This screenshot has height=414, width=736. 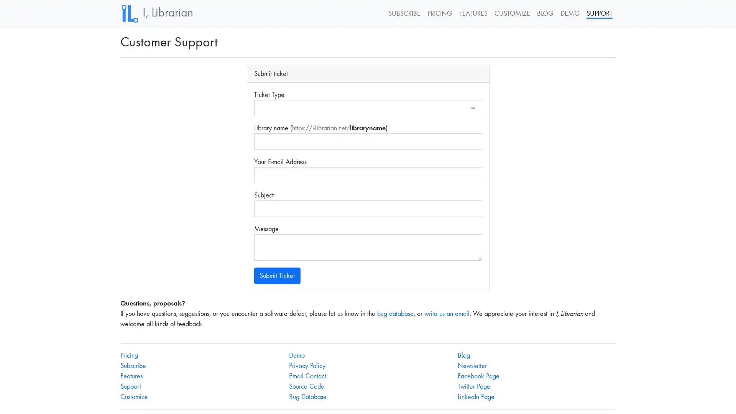 I want to click on Submit Ticket, so click(x=276, y=275).